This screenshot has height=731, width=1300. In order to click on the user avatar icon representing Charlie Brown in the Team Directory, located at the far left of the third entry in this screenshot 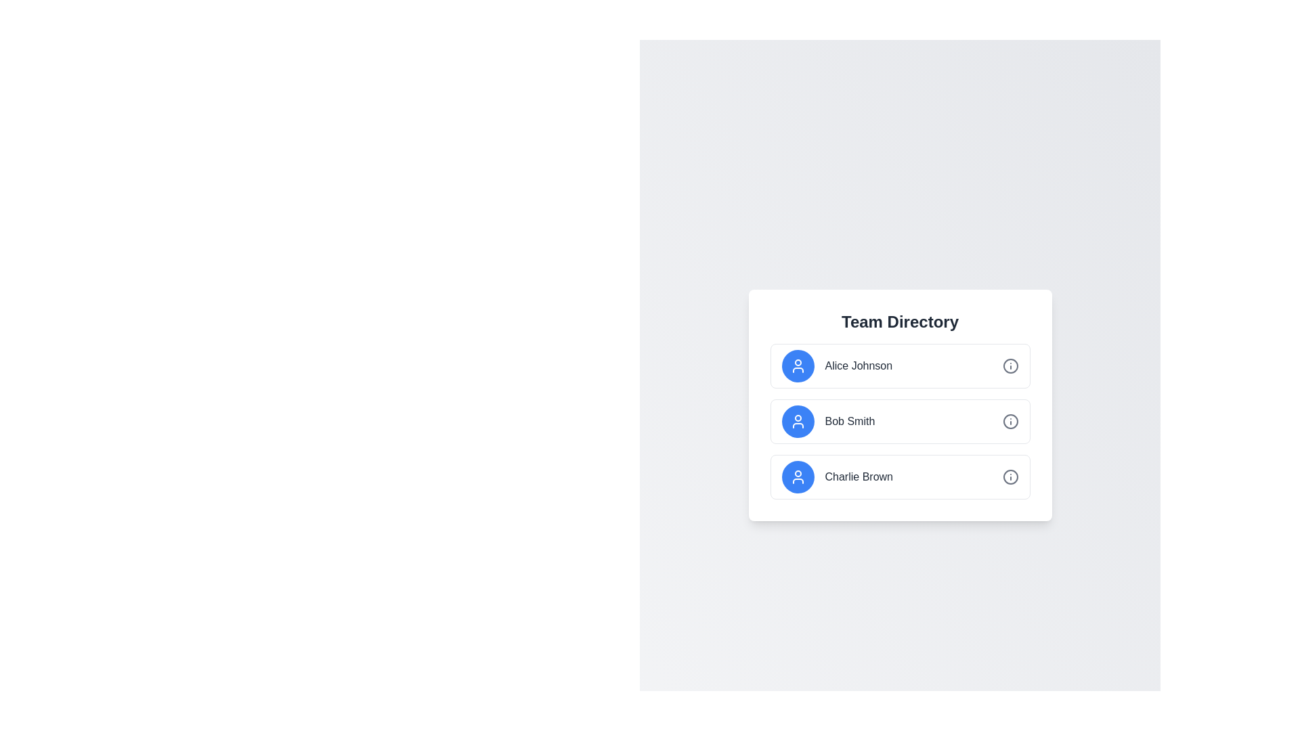, I will do `click(798, 477)`.